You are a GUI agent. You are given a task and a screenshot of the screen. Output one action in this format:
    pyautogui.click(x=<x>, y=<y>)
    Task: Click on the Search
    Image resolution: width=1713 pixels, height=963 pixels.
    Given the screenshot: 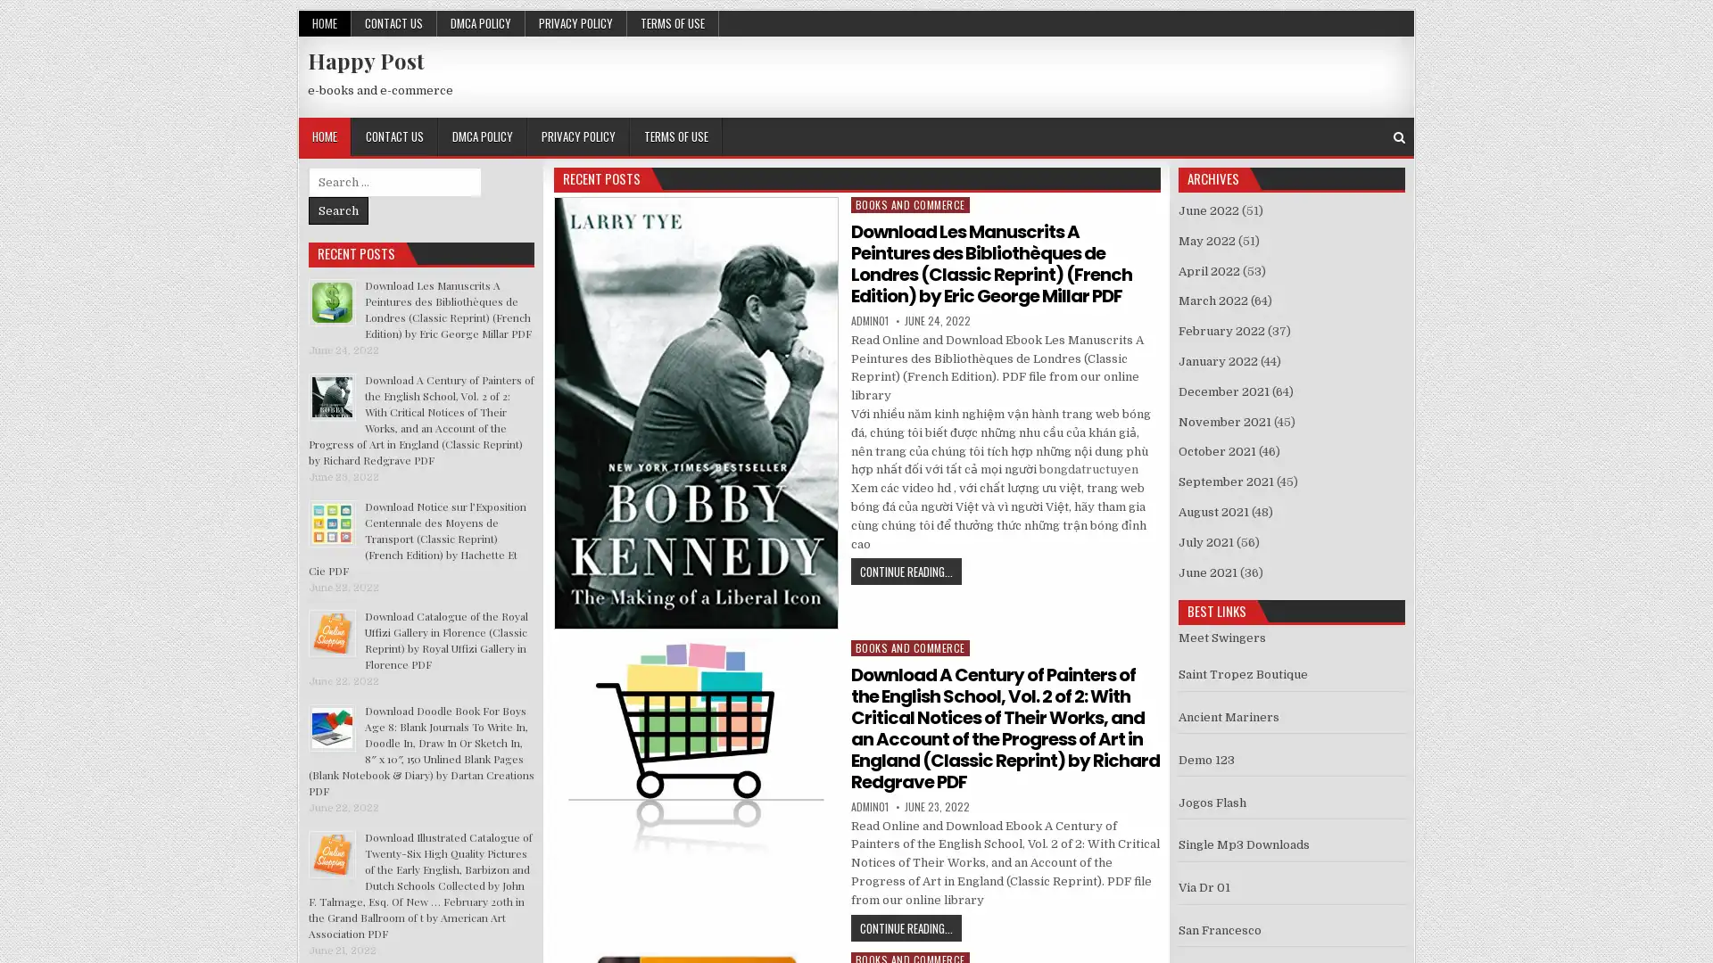 What is the action you would take?
    pyautogui.click(x=337, y=210)
    